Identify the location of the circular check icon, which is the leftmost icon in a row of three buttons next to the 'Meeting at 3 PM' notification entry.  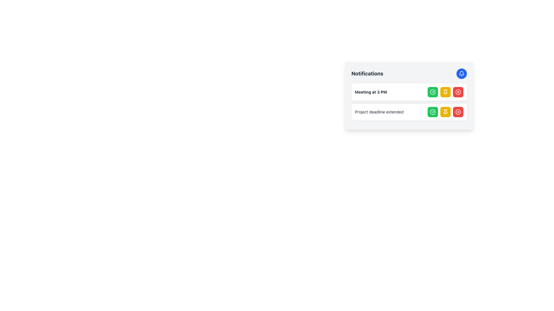
(433, 92).